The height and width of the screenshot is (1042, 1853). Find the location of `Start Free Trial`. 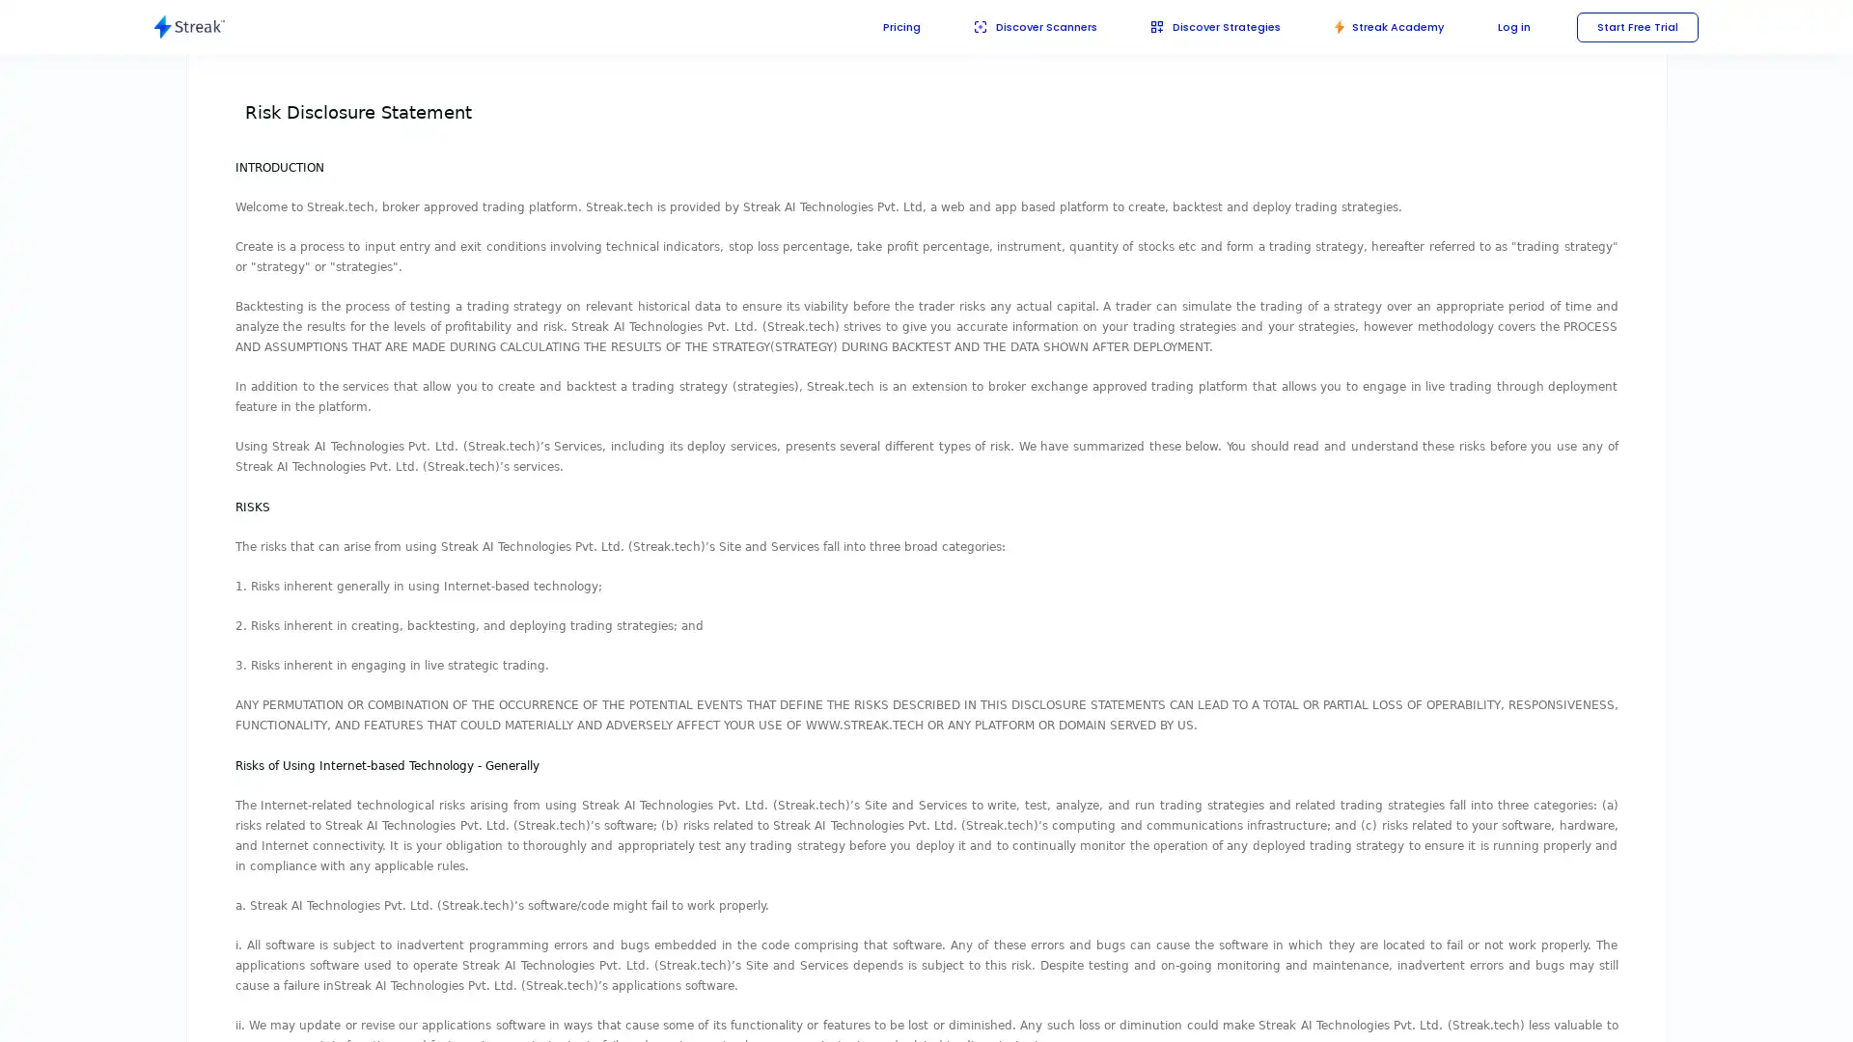

Start Free Trial is located at coordinates (1634, 26).